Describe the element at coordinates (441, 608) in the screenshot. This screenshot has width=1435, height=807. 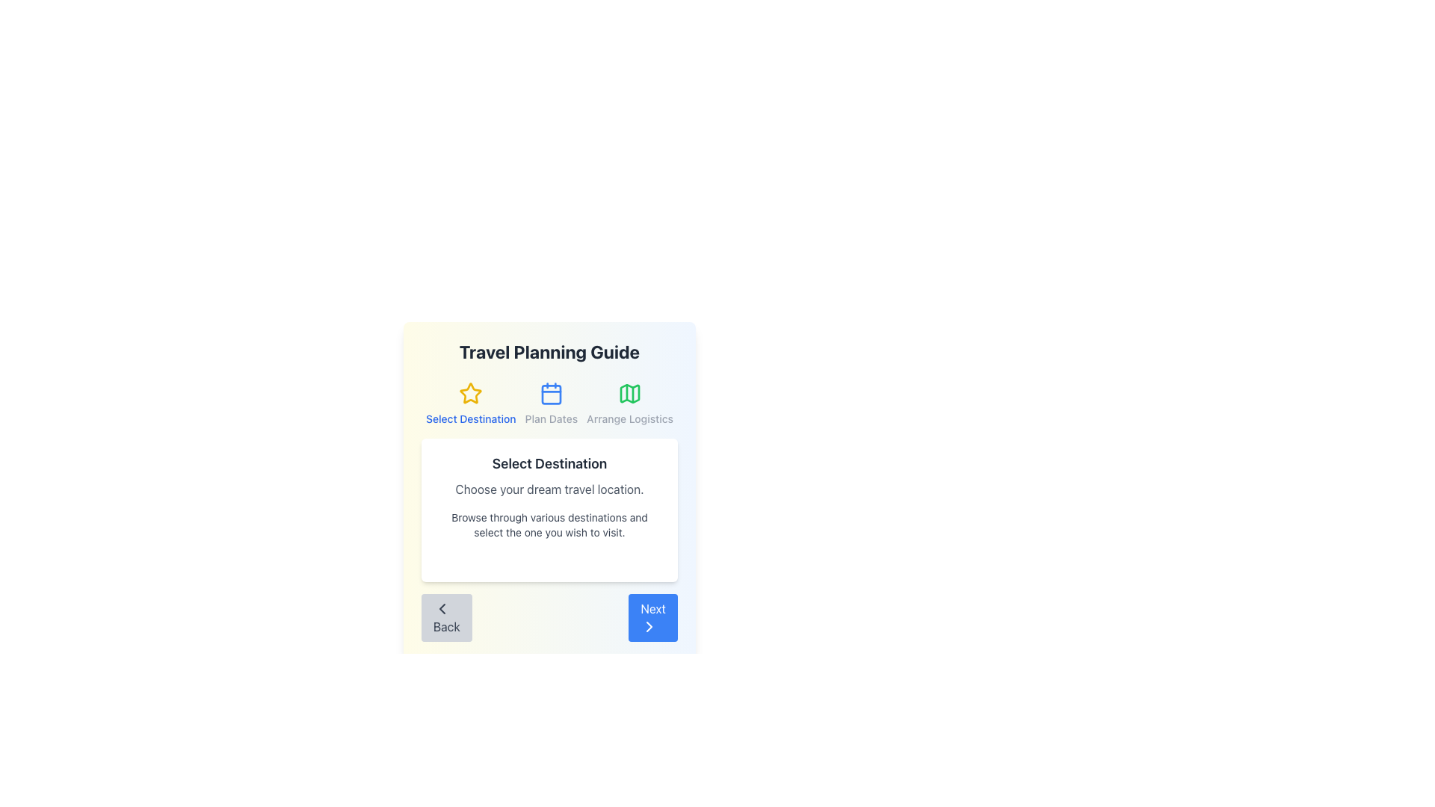
I see `the left-facing chevron arrow icon within the light gray rounded rectangle button labeled 'Back', located at the bottom-left area of the card interface` at that location.